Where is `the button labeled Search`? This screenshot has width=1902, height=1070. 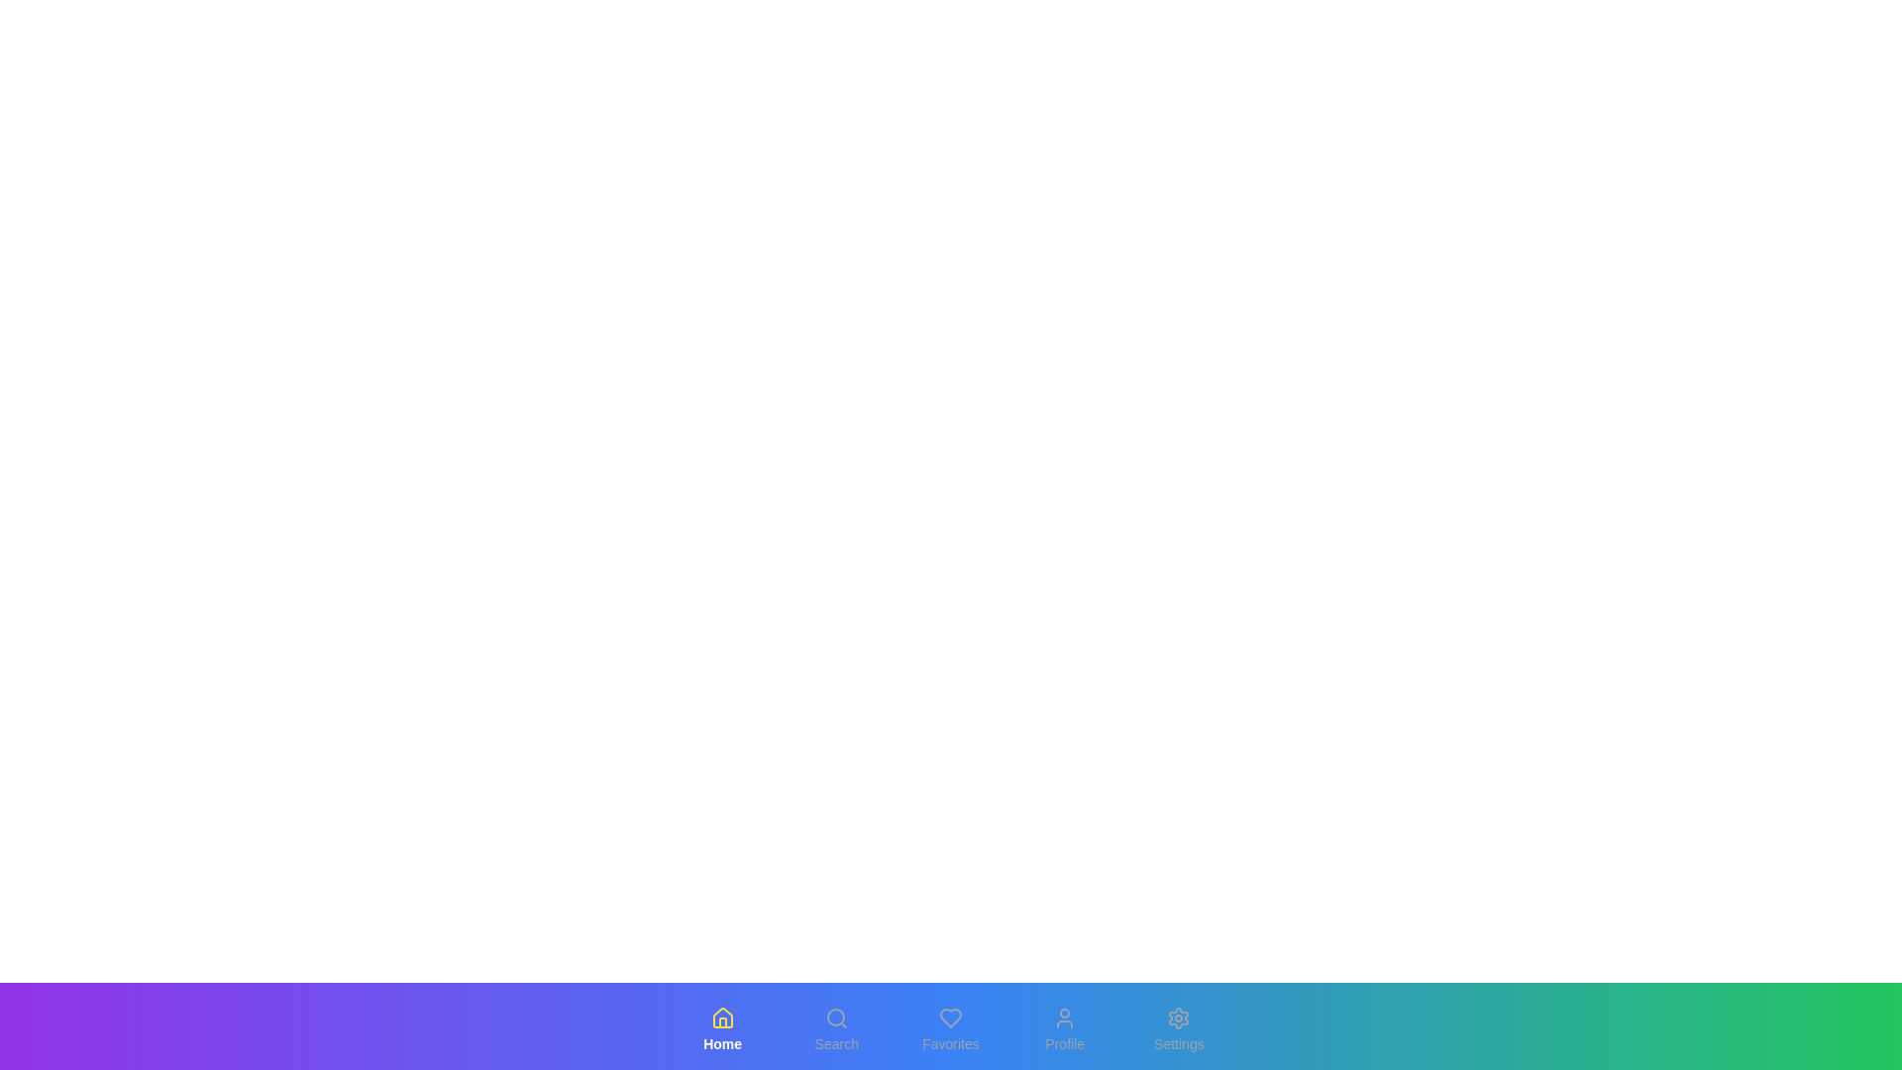 the button labeled Search is located at coordinates (836, 1029).